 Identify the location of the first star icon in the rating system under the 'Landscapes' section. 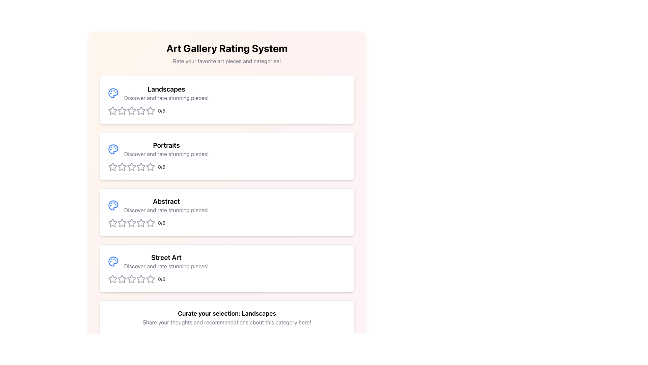
(112, 110).